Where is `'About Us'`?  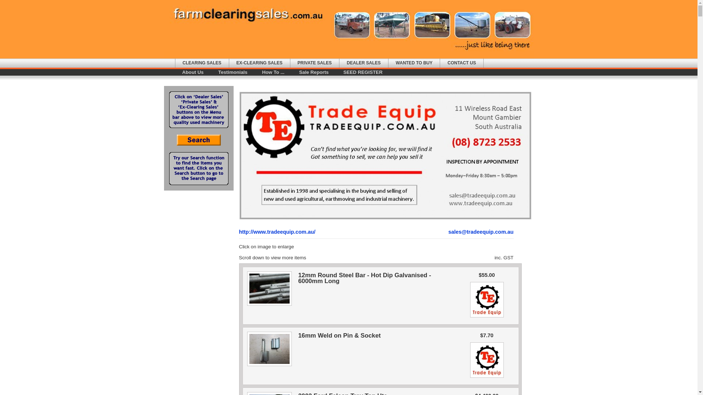
'About Us' is located at coordinates (193, 72).